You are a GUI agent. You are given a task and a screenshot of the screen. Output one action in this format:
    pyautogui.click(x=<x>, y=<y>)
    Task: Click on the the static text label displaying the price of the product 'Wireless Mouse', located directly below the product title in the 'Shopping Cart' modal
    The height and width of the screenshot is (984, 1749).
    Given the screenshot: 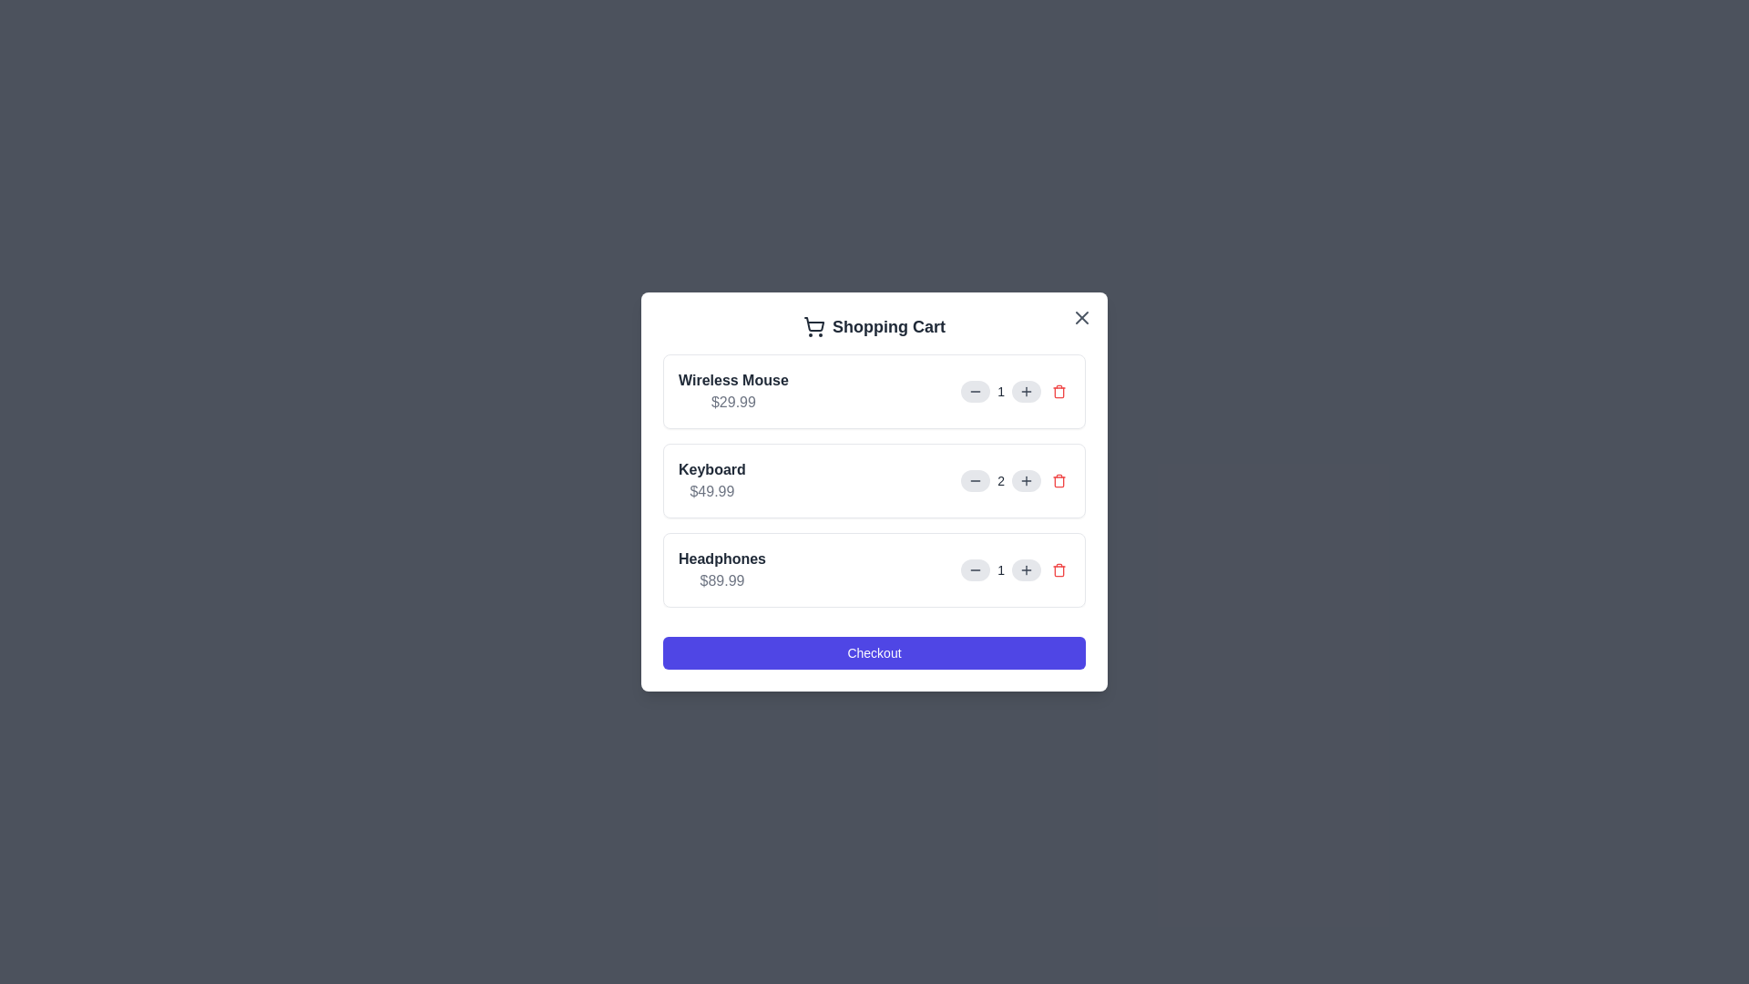 What is the action you would take?
    pyautogui.click(x=733, y=402)
    